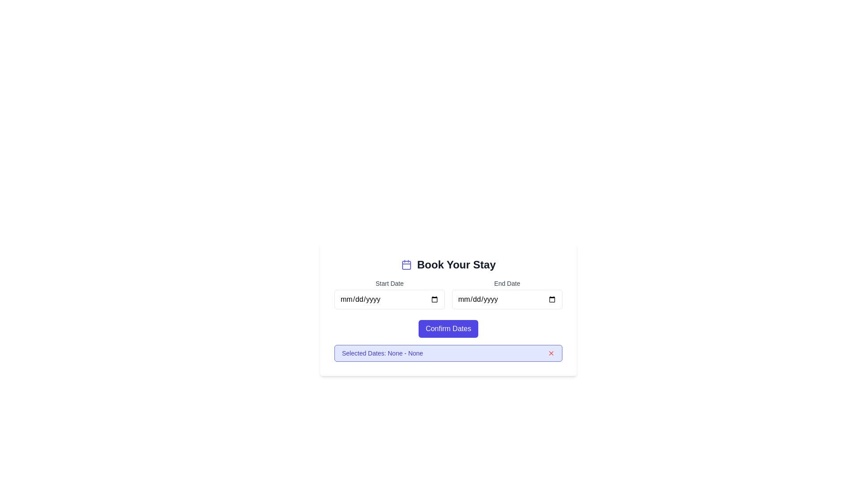  I want to click on the 'End Date' text label, which is styled in light gray and positioned above its corresponding date input field in the form layout, so click(507, 283).